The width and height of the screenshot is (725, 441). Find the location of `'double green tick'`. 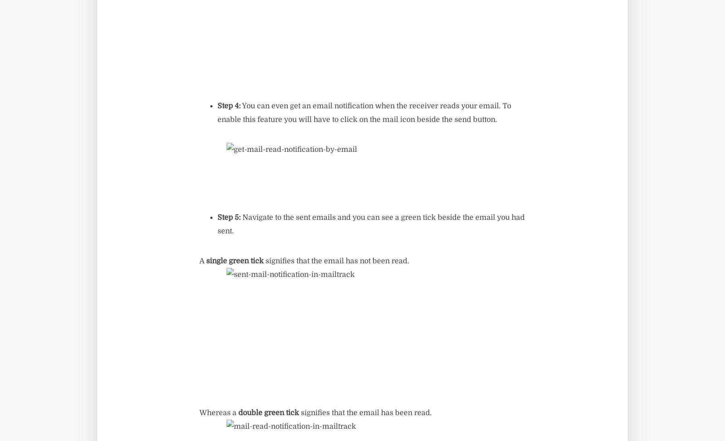

'double green tick' is located at coordinates (268, 412).